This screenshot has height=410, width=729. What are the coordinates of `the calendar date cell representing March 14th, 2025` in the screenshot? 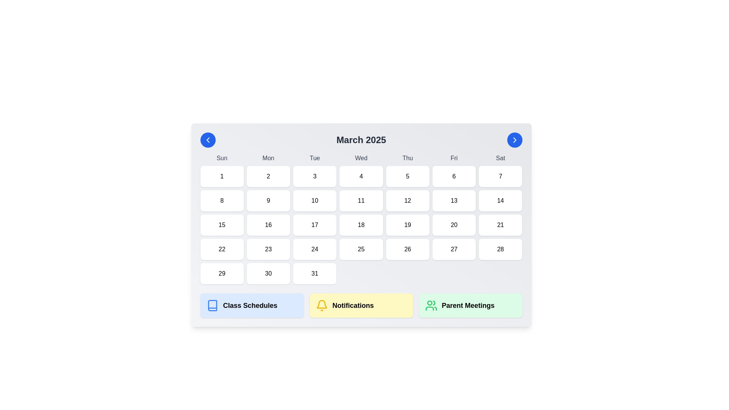 It's located at (500, 200).